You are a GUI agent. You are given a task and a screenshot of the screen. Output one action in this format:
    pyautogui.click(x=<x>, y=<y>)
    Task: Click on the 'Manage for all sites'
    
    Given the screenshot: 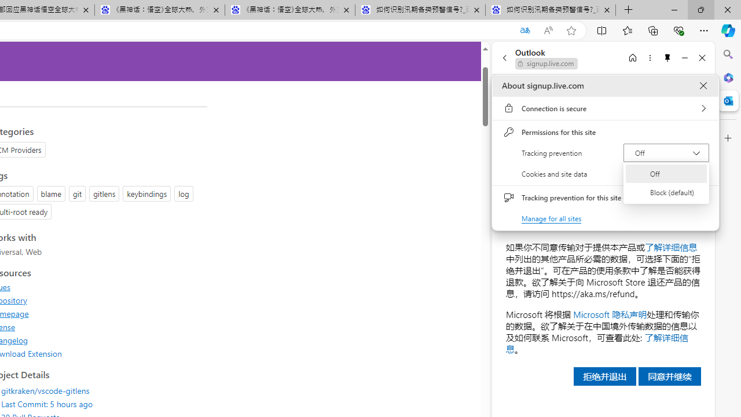 What is the action you would take?
    pyautogui.click(x=551, y=218)
    